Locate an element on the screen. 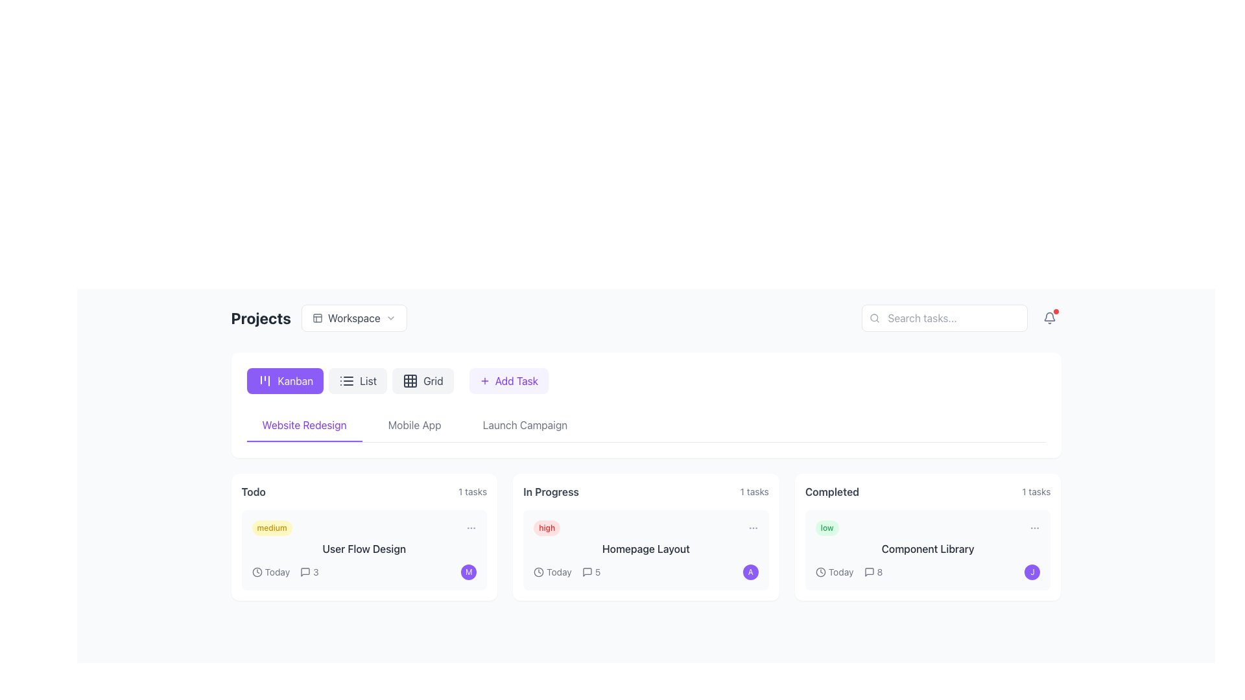 This screenshot has width=1245, height=700. the text label located at the bottom of the 'Completed' card in the 'Projects' section to access related elements is located at coordinates (927, 549).